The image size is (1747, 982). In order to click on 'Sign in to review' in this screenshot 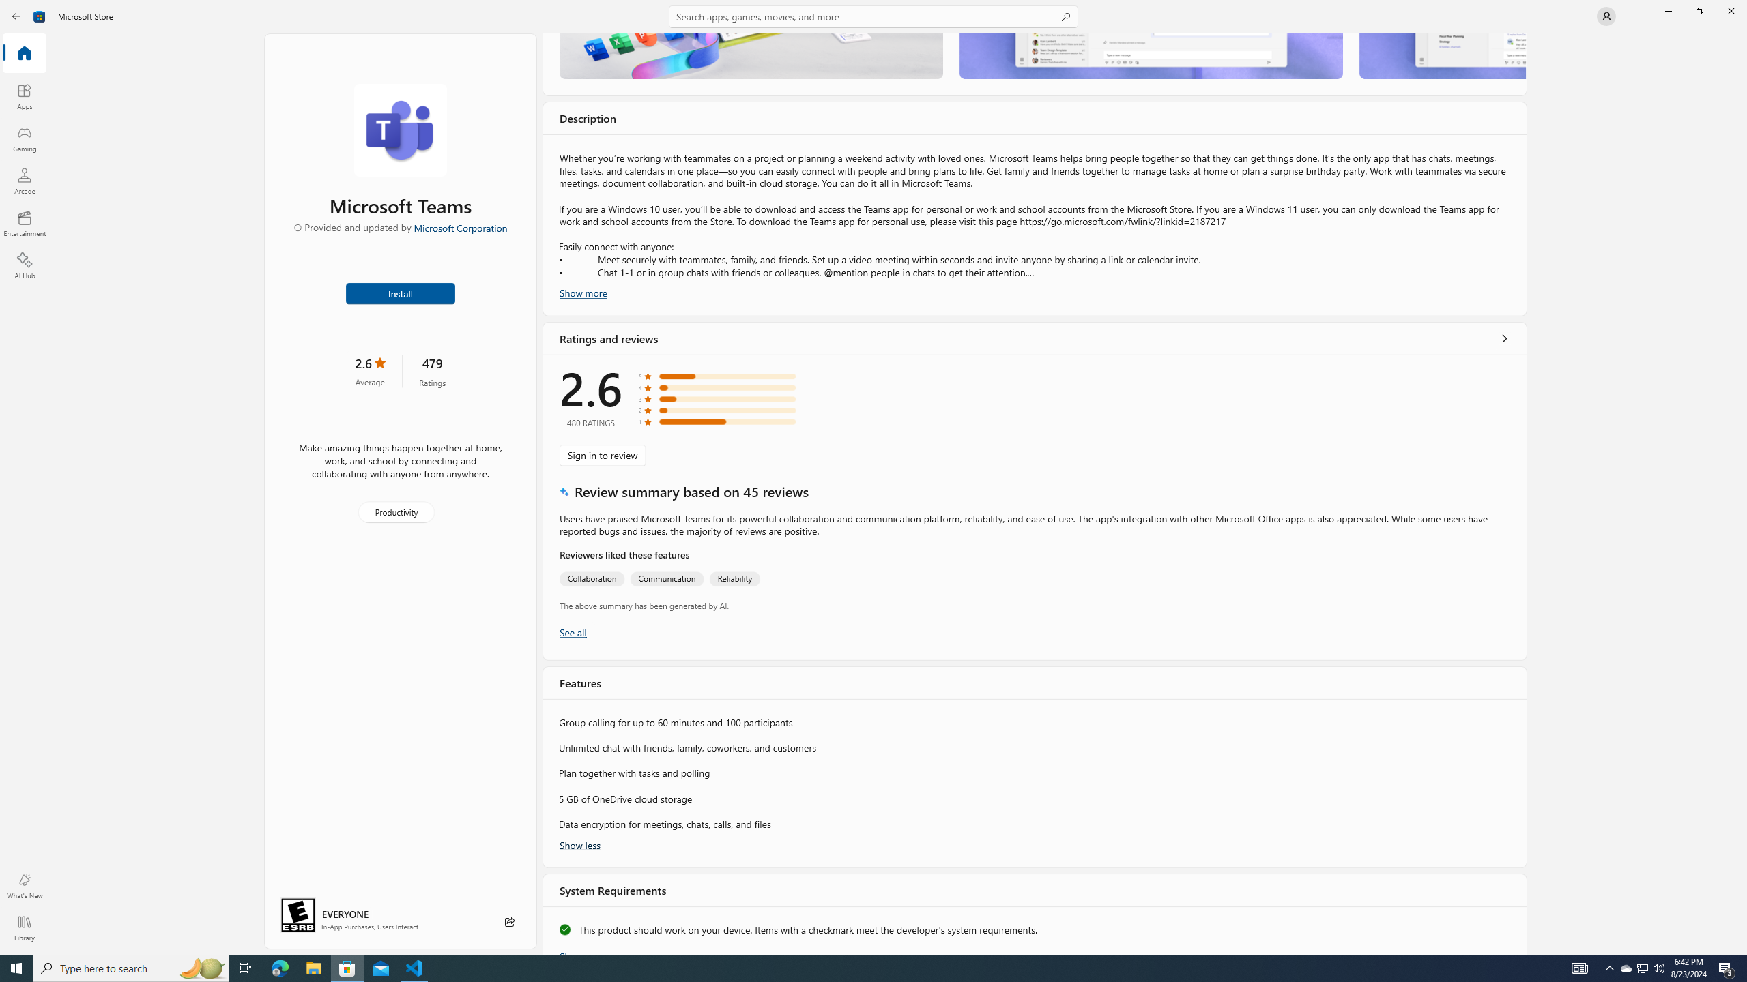, I will do `click(602, 454)`.